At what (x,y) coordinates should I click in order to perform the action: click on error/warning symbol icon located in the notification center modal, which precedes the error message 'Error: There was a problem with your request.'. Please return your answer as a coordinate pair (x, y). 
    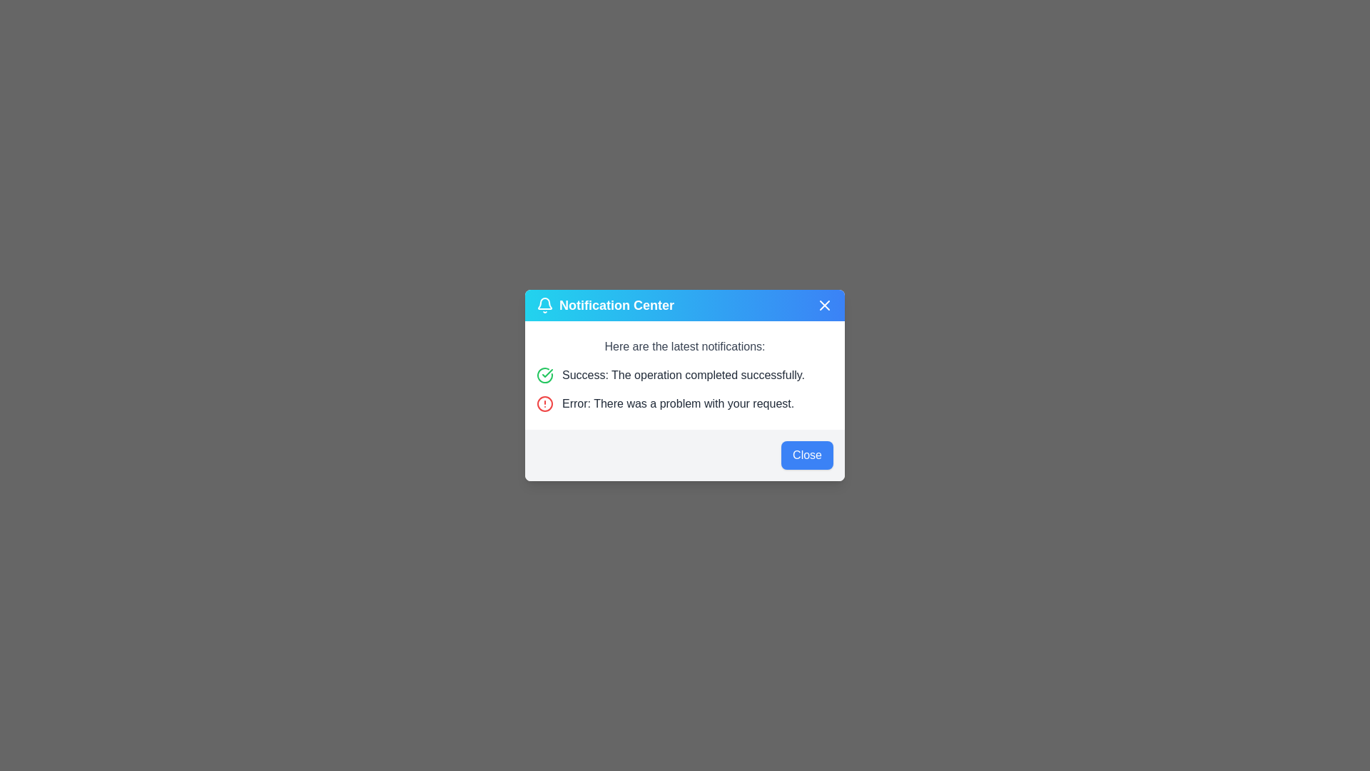
    Looking at the image, I should click on (544, 404).